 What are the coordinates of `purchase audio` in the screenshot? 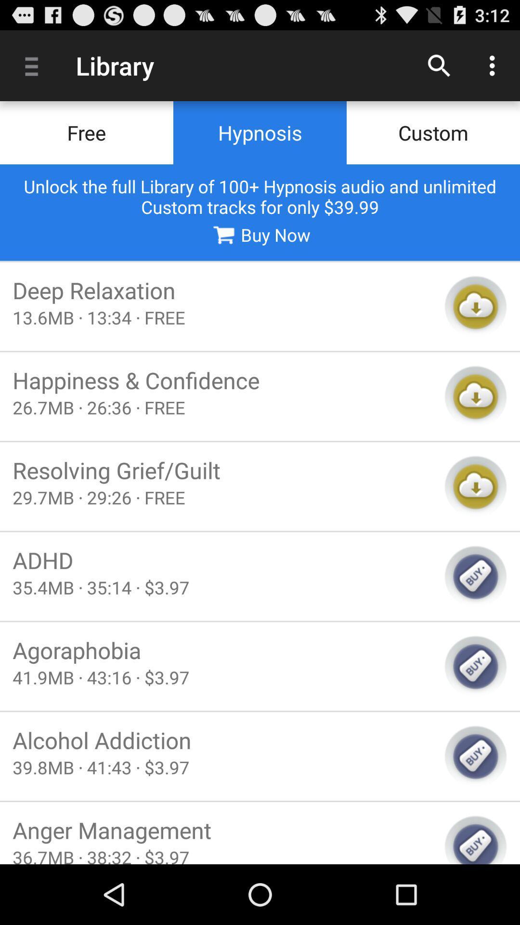 It's located at (475, 666).